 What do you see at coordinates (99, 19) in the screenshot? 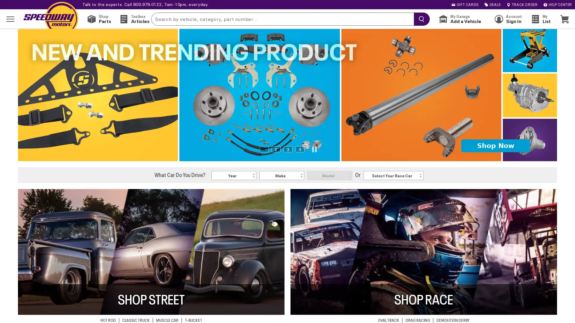
I see `Shop Parts` at bounding box center [99, 19].